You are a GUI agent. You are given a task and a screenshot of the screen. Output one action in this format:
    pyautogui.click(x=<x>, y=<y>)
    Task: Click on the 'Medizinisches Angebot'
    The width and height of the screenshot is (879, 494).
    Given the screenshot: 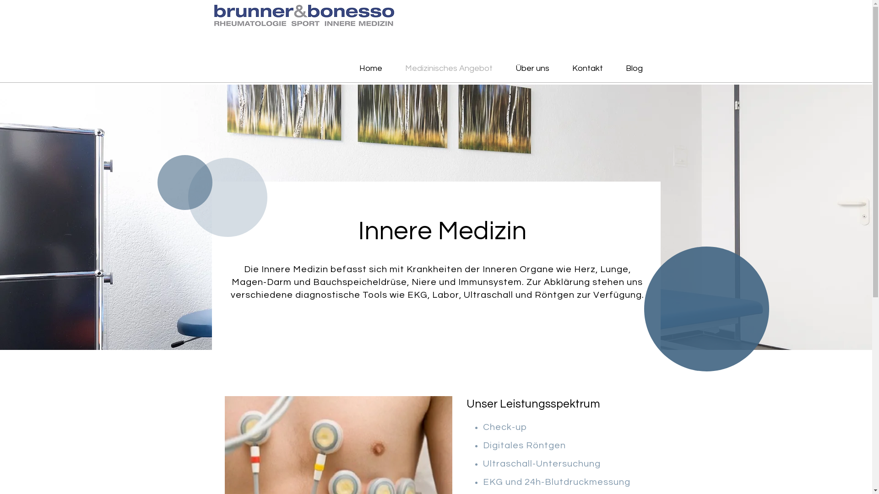 What is the action you would take?
    pyautogui.click(x=449, y=68)
    